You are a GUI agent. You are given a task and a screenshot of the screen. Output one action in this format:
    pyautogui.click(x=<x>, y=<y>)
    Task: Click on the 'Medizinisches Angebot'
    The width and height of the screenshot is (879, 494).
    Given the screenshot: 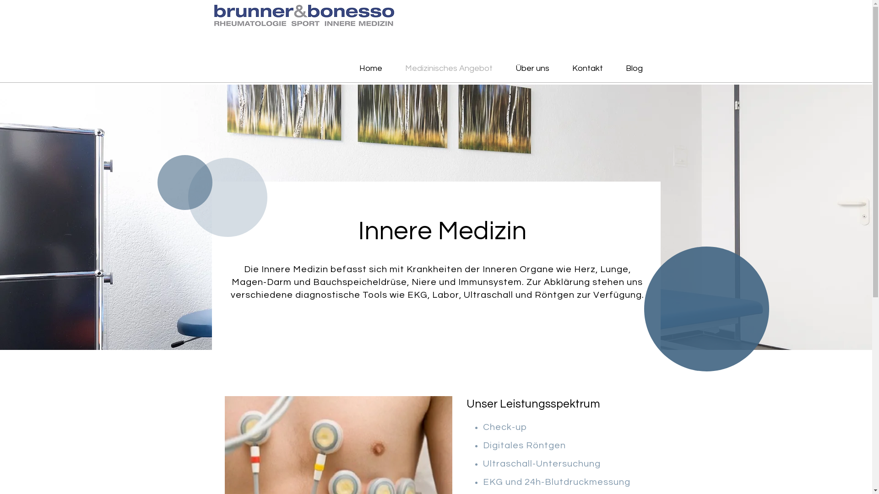 What is the action you would take?
    pyautogui.click(x=449, y=68)
    